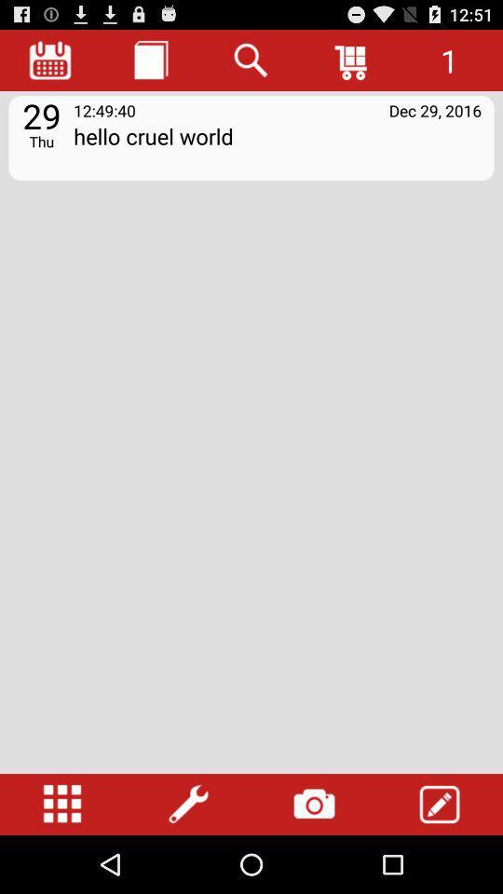  Describe the element at coordinates (150, 60) in the screenshot. I see `journal entries` at that location.